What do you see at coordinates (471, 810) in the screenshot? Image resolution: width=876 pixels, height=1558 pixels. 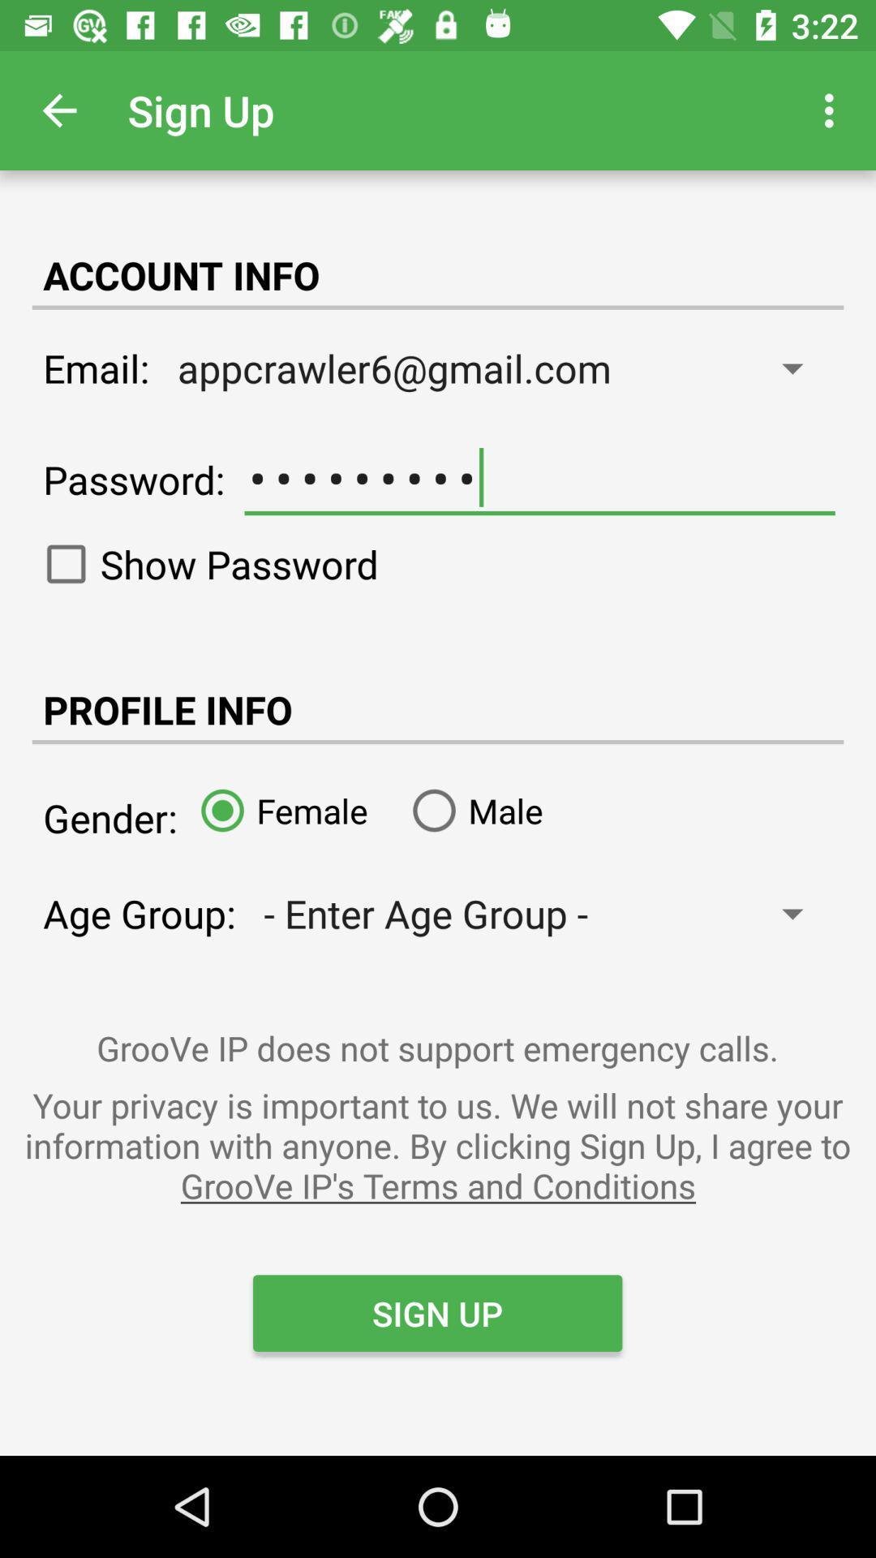 I see `the male` at bounding box center [471, 810].